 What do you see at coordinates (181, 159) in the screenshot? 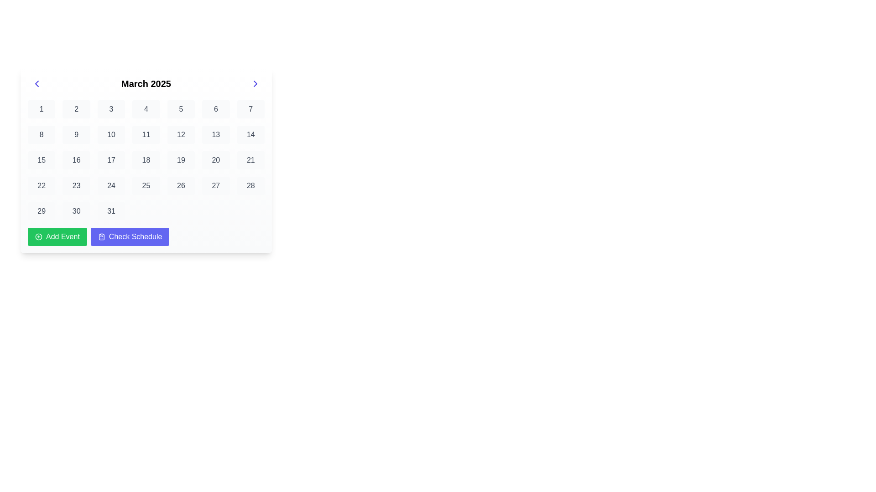
I see `the Calendar day button displaying the number '19'` at bounding box center [181, 159].